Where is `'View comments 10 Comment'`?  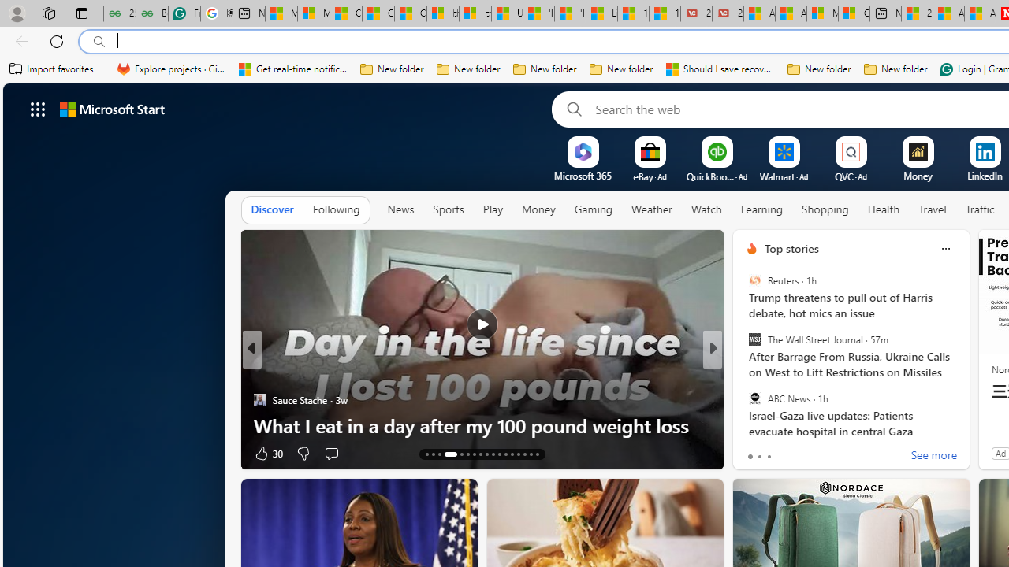
'View comments 10 Comment' is located at coordinates (817, 453).